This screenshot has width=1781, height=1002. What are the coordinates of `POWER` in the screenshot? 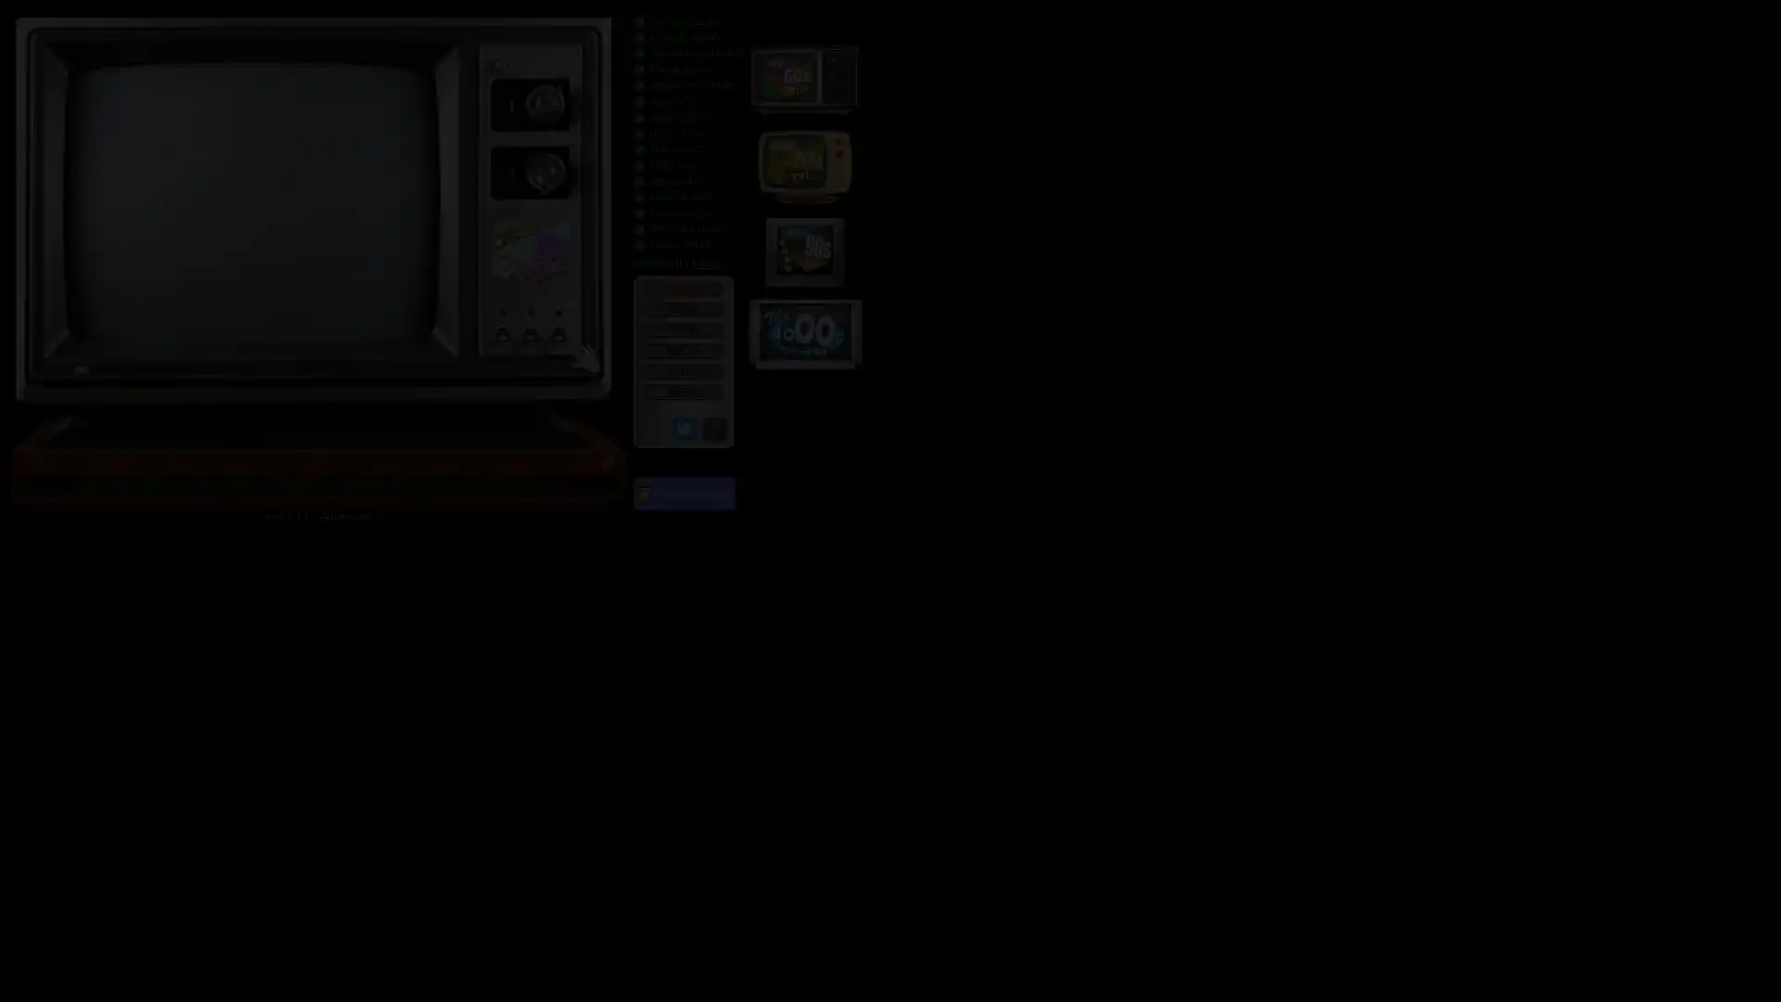 It's located at (681, 289).